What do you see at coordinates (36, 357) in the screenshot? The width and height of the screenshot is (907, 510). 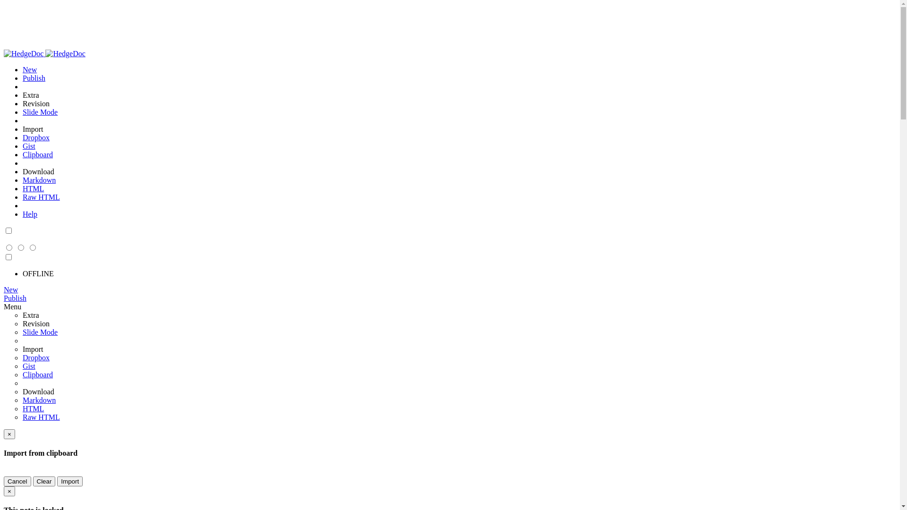 I see `'Dropbox'` at bounding box center [36, 357].